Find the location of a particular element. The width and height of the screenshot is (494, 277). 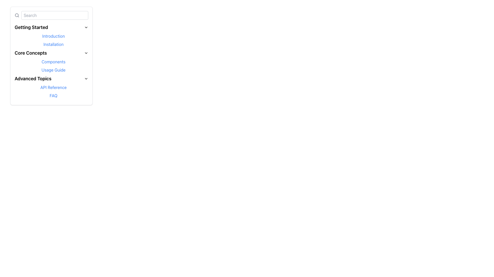

the hyperlink in the 'Getting Started' section is located at coordinates (53, 44).